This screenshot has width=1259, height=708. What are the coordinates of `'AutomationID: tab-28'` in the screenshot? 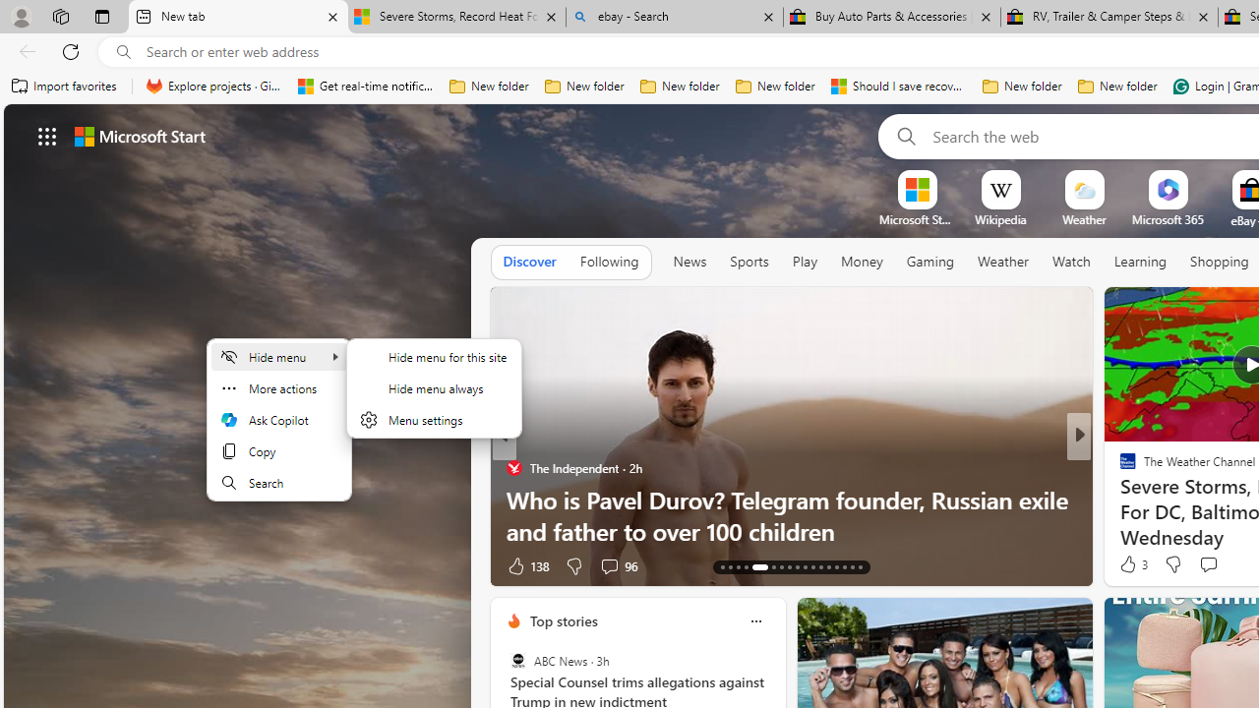 It's located at (851, 567).